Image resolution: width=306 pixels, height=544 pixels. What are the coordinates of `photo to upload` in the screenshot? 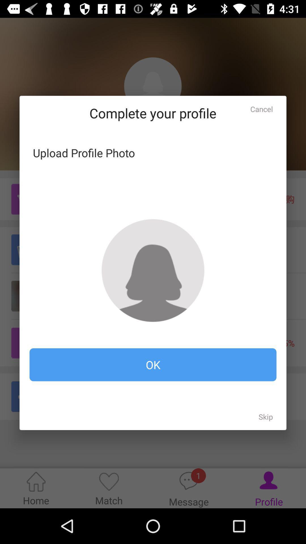 It's located at (153, 270).